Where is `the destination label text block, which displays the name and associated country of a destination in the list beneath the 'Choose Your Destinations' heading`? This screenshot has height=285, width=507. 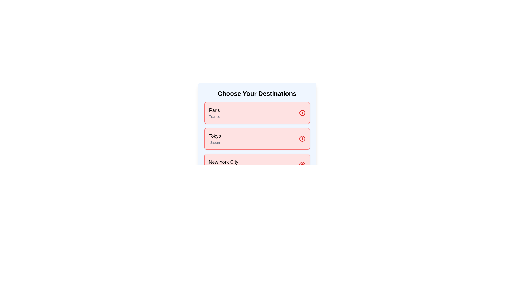
the destination label text block, which displays the name and associated country of a destination in the list beneath the 'Choose Your Destinations' heading is located at coordinates (214, 113).